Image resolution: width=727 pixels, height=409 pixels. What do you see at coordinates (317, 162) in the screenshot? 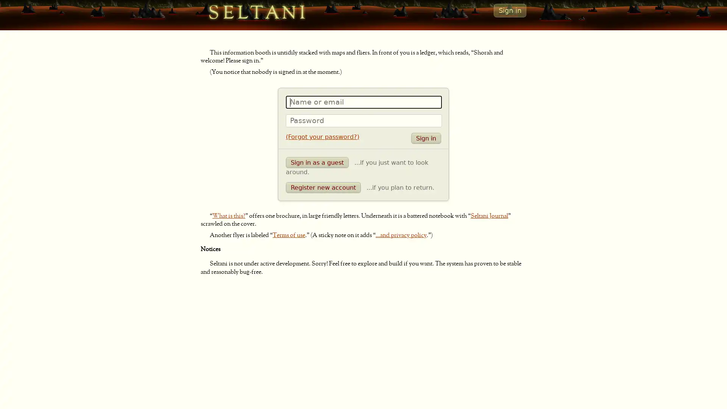
I see `Sign in as a guest` at bounding box center [317, 162].